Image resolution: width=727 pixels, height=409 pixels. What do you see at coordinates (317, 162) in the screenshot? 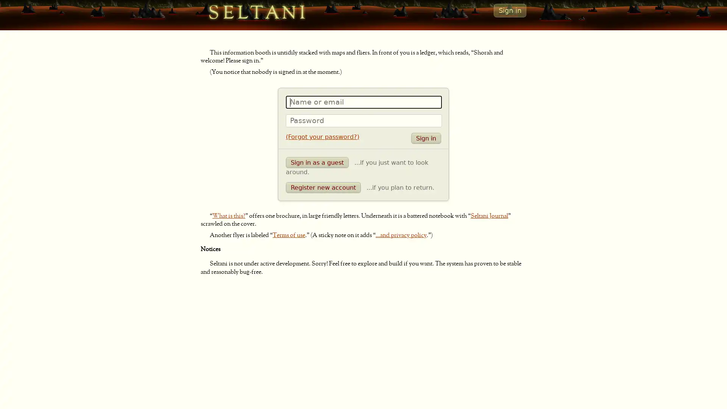
I see `Sign in as a guest` at bounding box center [317, 162].